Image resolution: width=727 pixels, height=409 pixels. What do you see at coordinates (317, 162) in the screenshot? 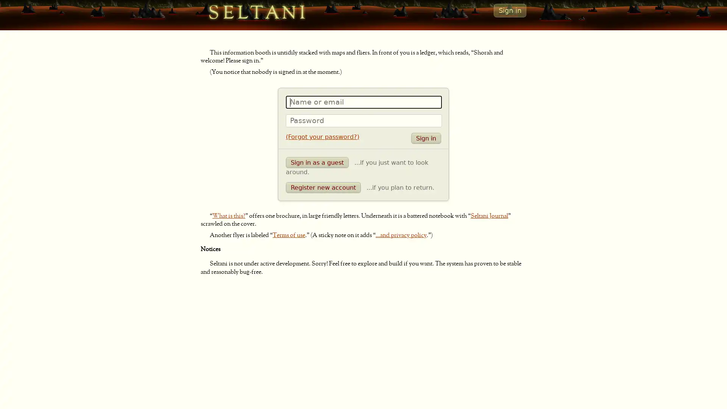
I see `Sign in as a guest` at bounding box center [317, 162].